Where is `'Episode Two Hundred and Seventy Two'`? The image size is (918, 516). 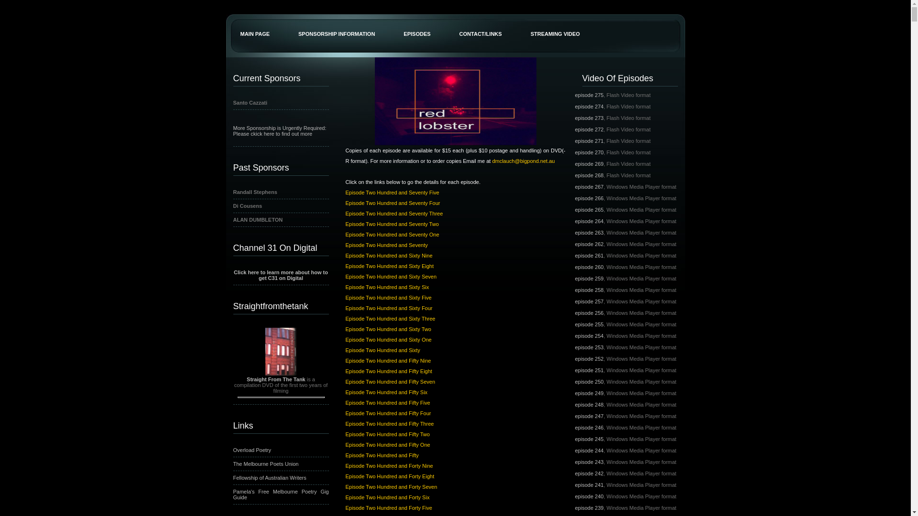
'Episode Two Hundred and Seventy Two' is located at coordinates (392, 224).